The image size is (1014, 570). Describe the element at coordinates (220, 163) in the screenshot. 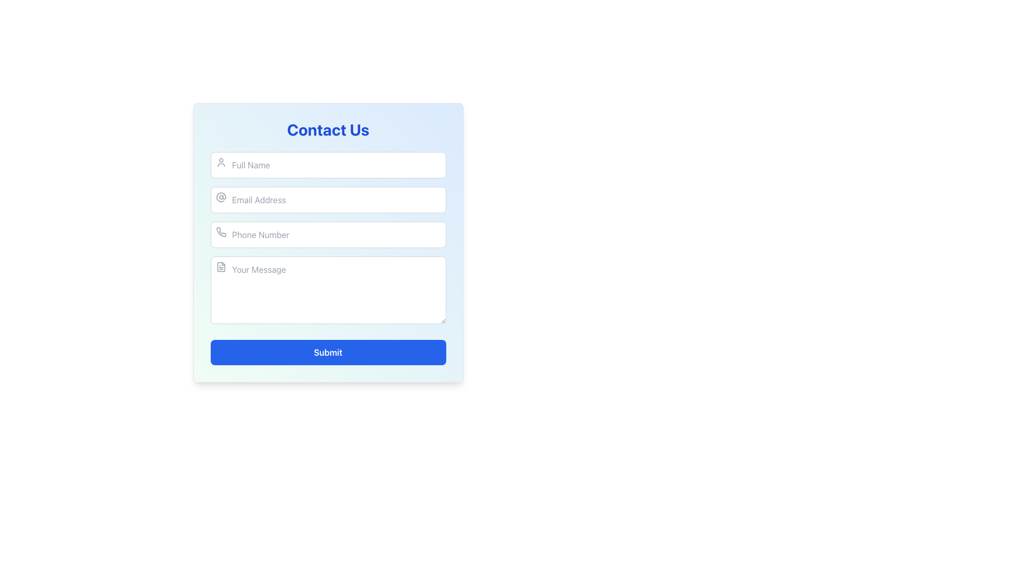

I see `the user icon located in the top-left corner of the 'Full Name' input field in the contact form` at that location.